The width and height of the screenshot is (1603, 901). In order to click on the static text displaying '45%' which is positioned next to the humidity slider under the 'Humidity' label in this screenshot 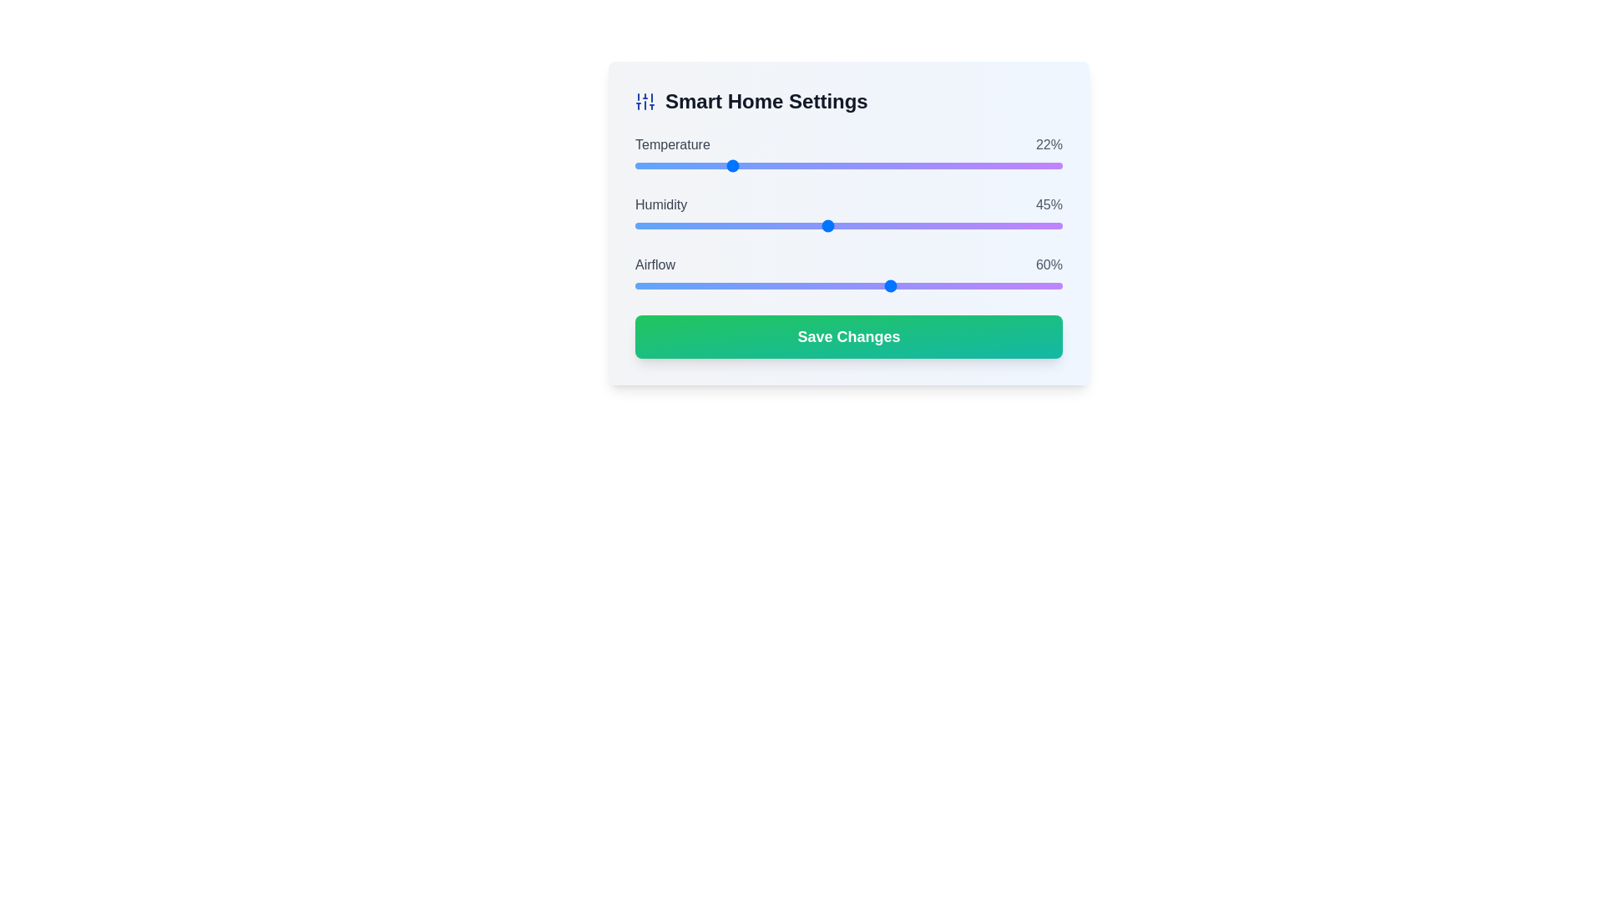, I will do `click(1049, 204)`.